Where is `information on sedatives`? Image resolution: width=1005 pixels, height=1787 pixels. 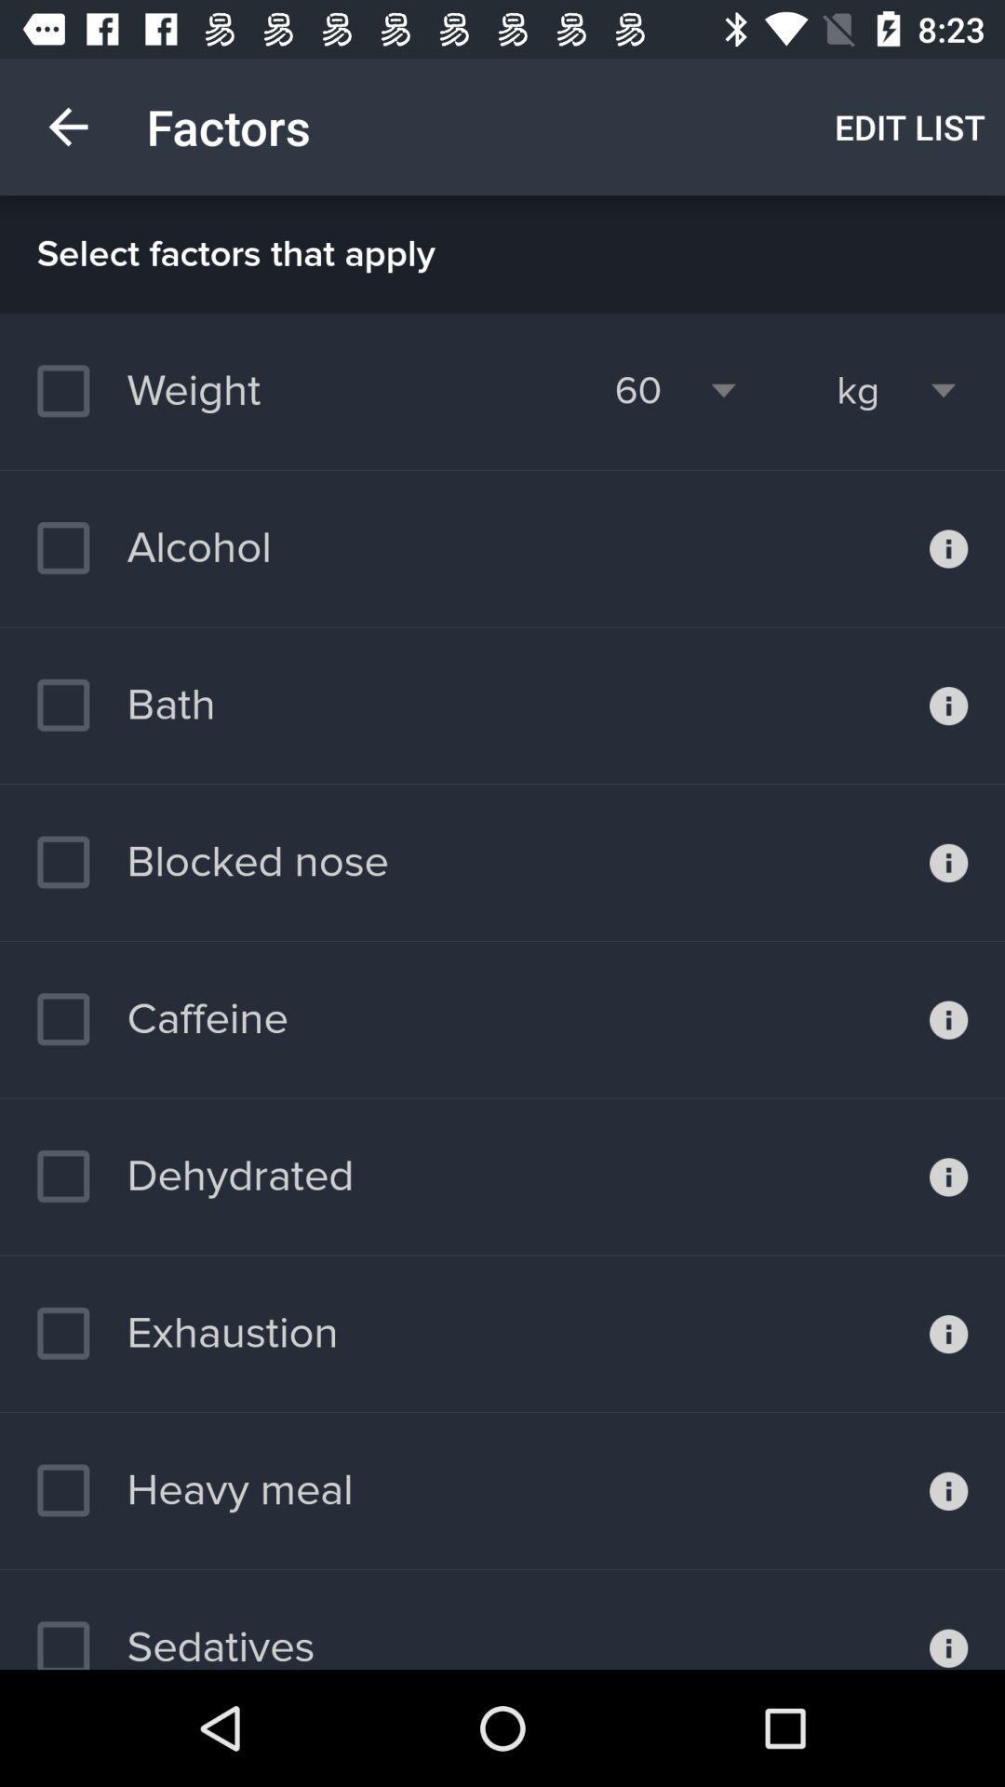
information on sedatives is located at coordinates (948, 1619).